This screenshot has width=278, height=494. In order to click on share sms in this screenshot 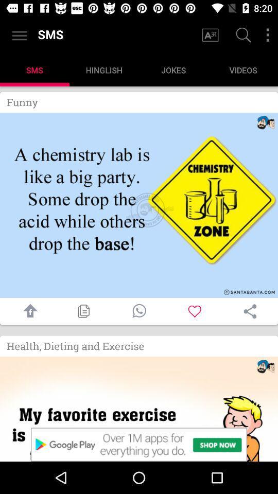, I will do `click(250, 311)`.